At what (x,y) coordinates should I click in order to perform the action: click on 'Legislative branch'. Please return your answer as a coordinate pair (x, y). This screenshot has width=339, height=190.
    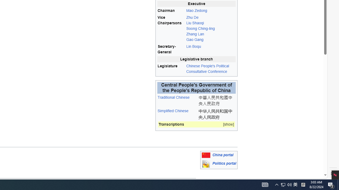
    Looking at the image, I should click on (196, 59).